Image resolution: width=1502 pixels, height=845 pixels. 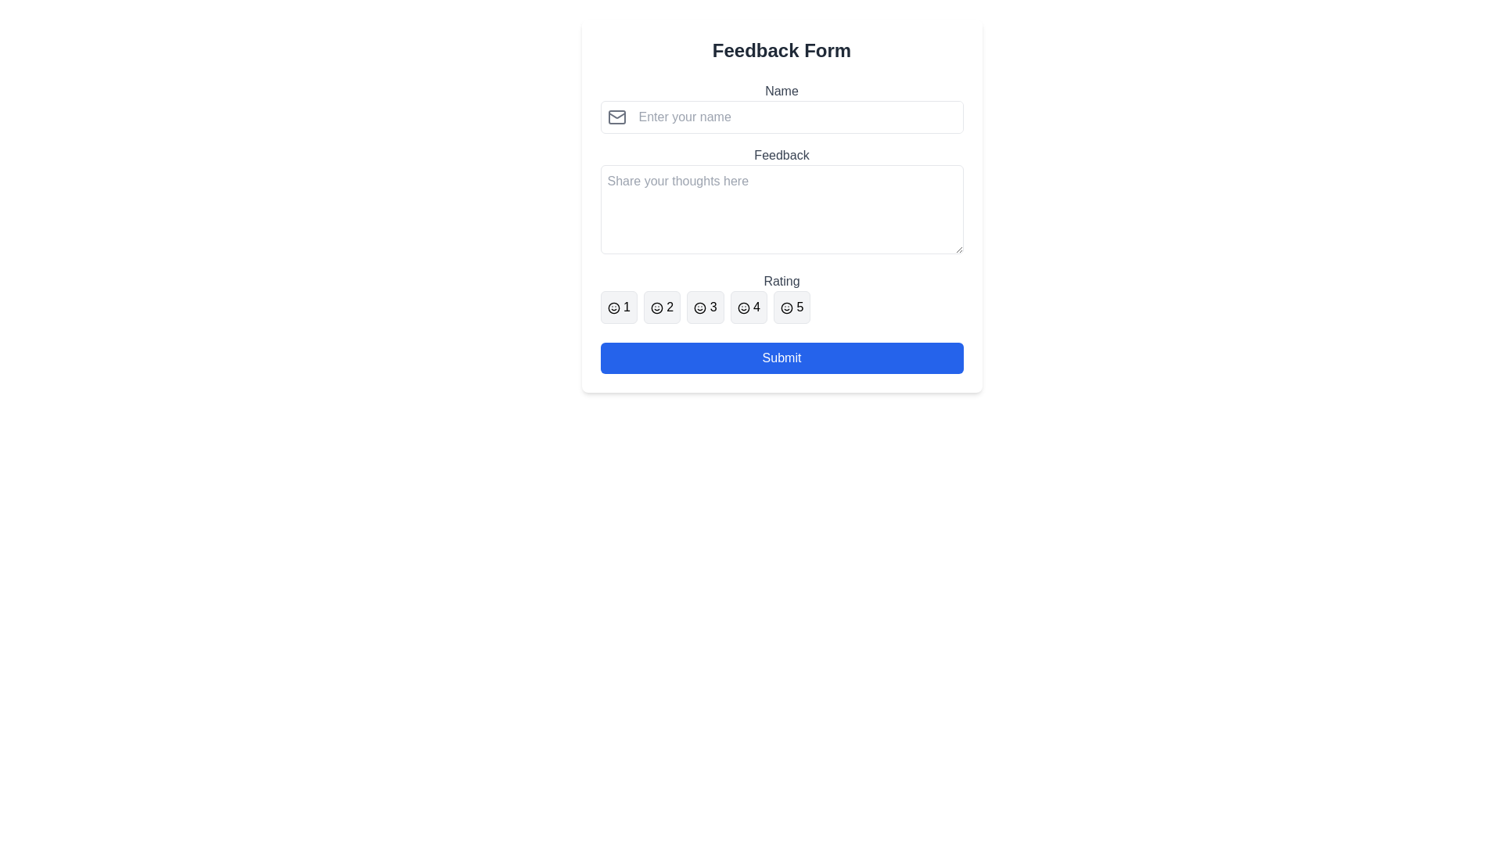 I want to click on the 'Submit' button with a blue background and white text located at the bottom of the feedback form under the 'Rating' section to change its color, so click(x=782, y=358).